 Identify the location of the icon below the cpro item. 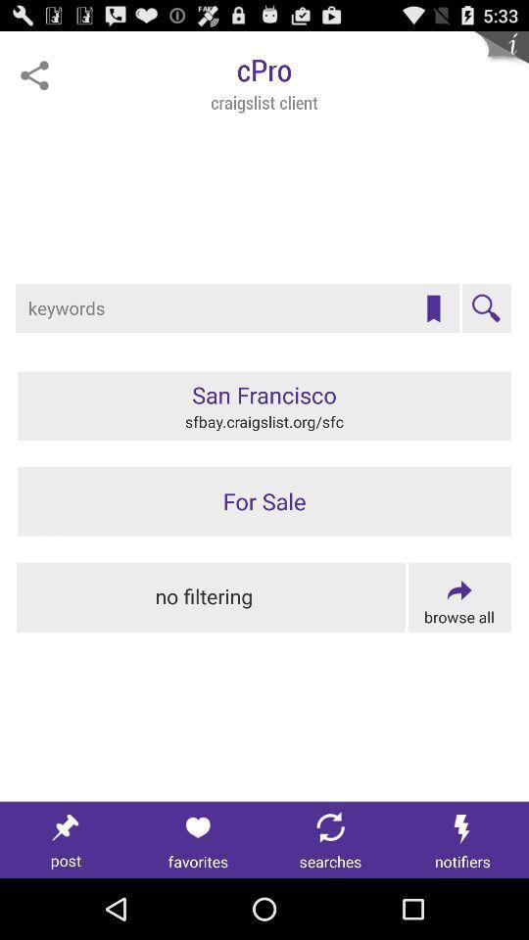
(433, 308).